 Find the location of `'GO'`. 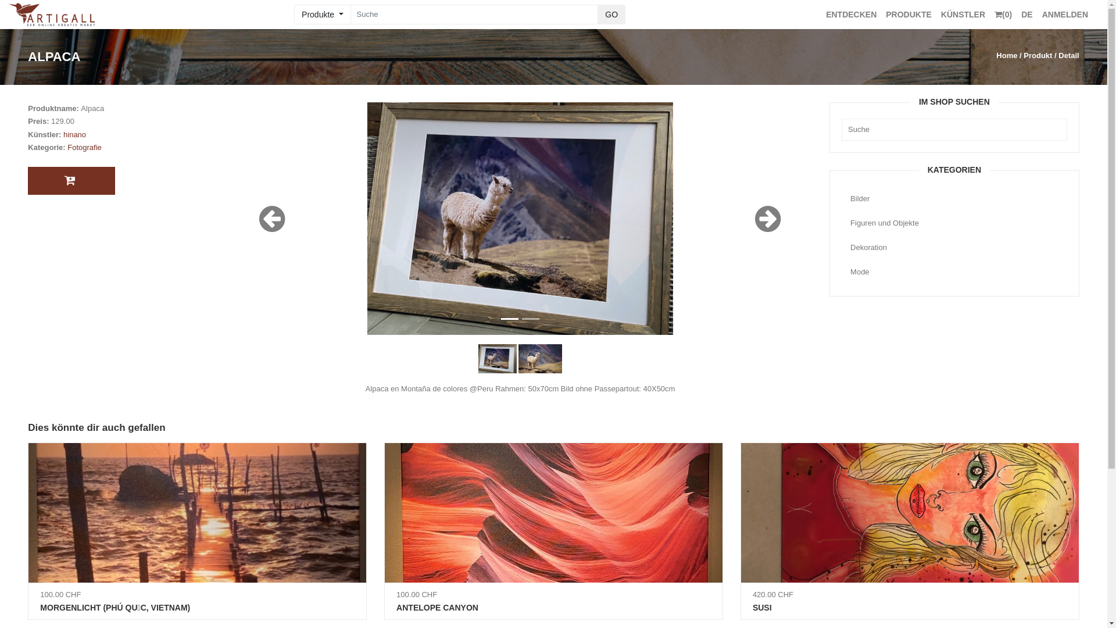

'GO' is located at coordinates (611, 14).